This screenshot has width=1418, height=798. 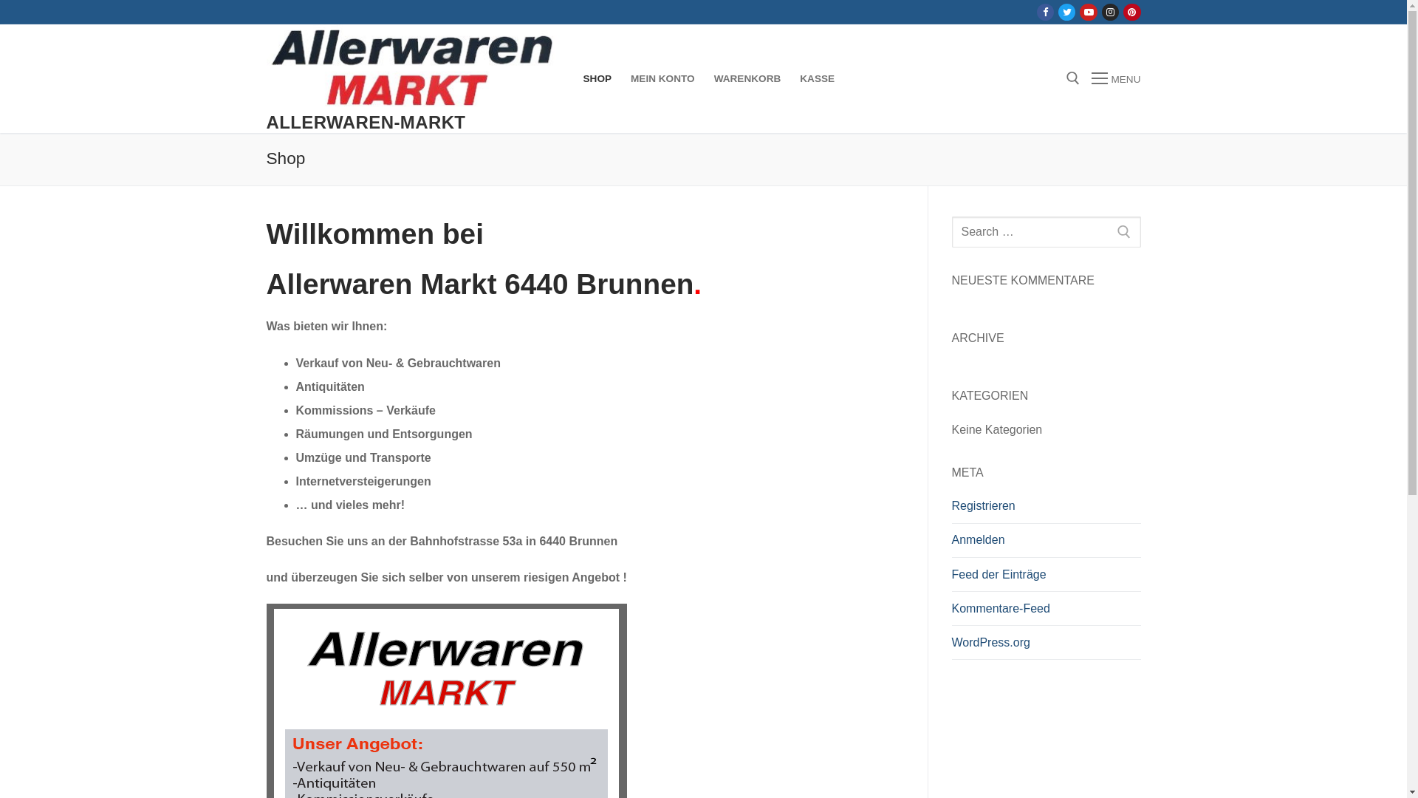 What do you see at coordinates (951, 231) in the screenshot?
I see `'Suchen nach:'` at bounding box center [951, 231].